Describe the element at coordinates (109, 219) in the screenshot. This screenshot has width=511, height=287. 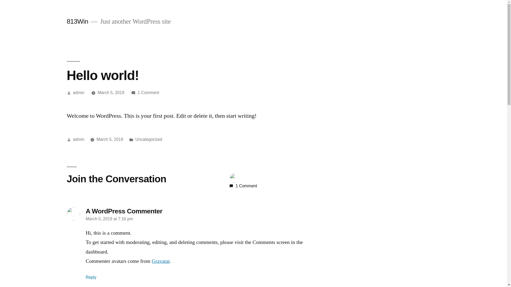
I see `'March 5, 2019 at 7:16 pm'` at that location.